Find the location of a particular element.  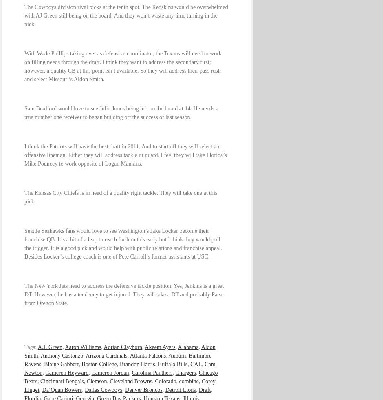

'Carolina Panthers' is located at coordinates (151, 373).